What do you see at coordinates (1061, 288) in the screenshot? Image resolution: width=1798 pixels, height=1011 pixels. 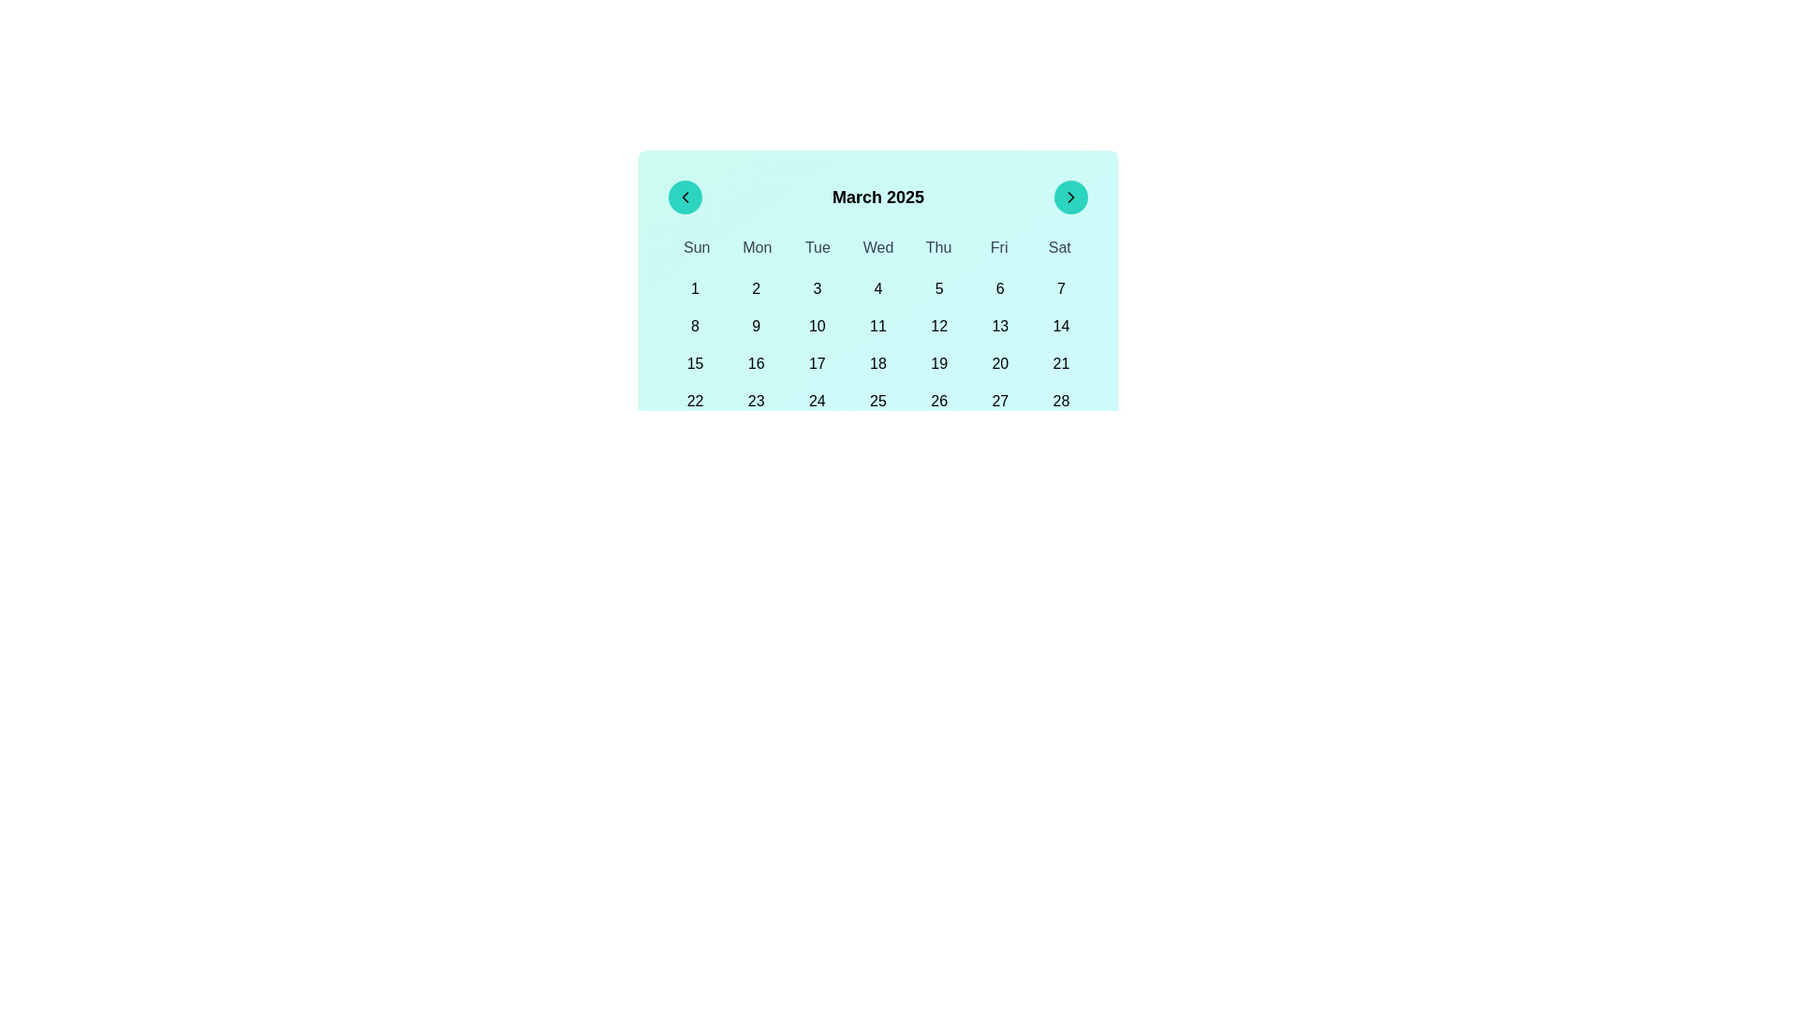 I see `the day selection button in the calendar widget located under the 'Sat' column header` at bounding box center [1061, 288].